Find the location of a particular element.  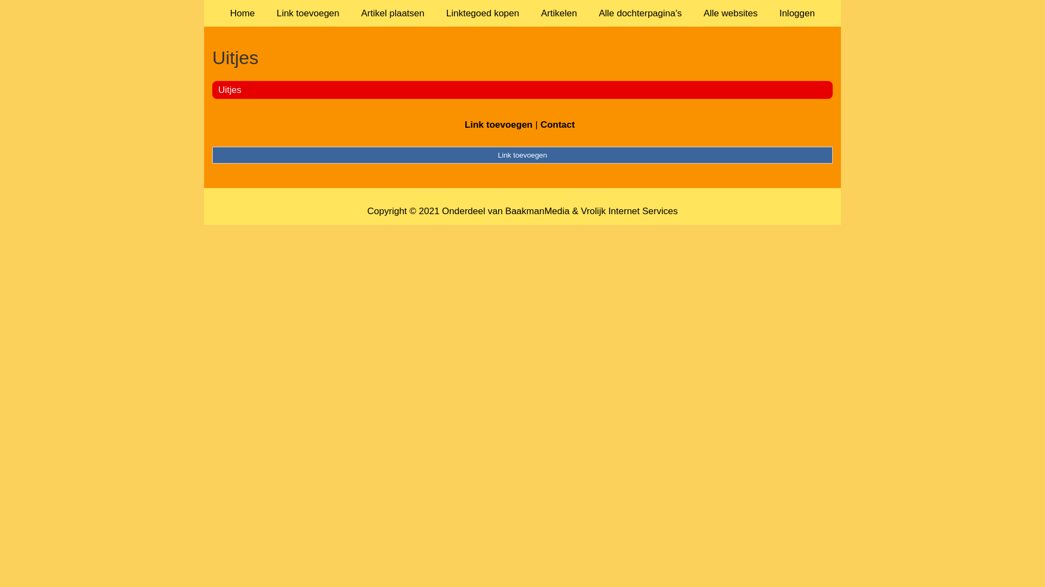

'Contact' is located at coordinates (557, 124).